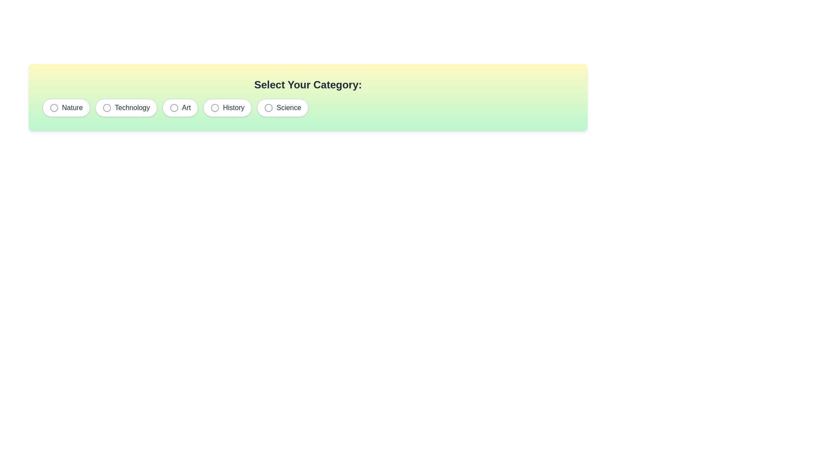 The height and width of the screenshot is (468, 832). I want to click on the chip labeled Nature, so click(66, 107).